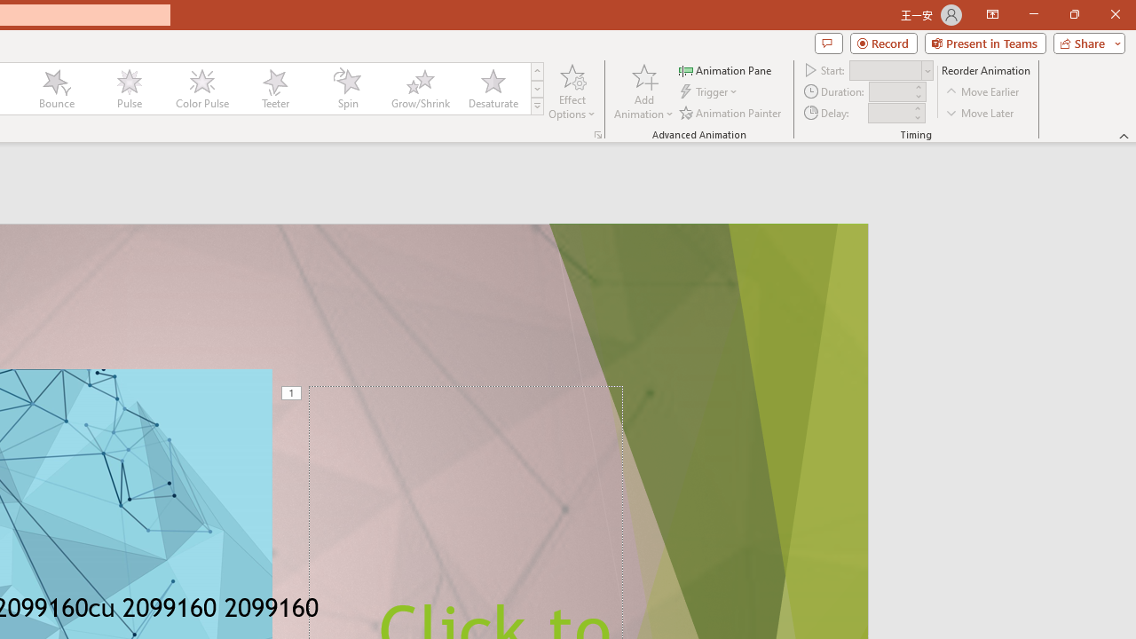 The image size is (1136, 639). I want to click on 'Animation Styles', so click(536, 106).